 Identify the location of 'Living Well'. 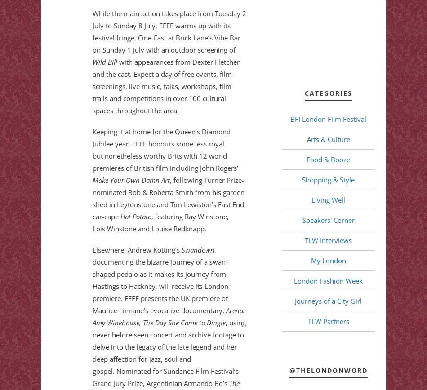
(328, 199).